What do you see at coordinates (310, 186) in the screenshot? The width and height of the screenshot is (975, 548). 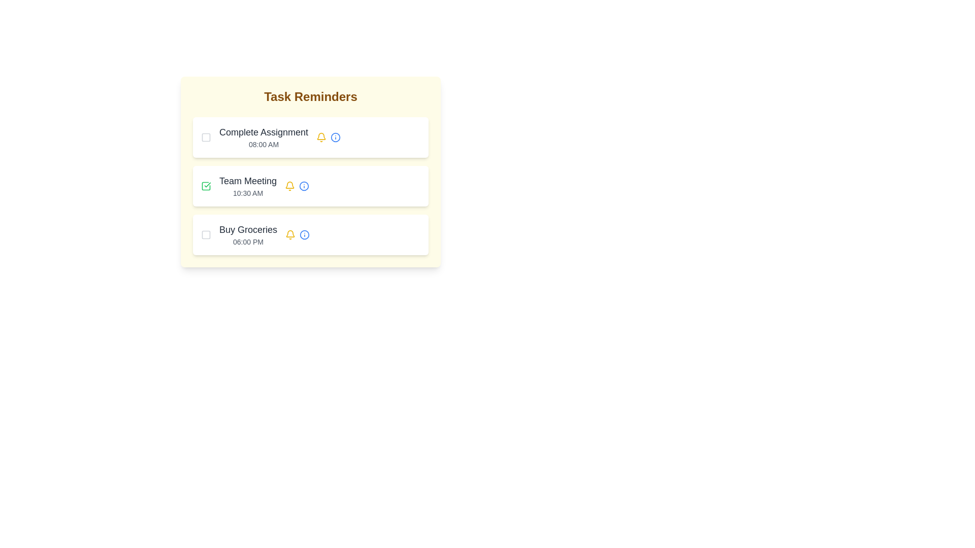 I see `the task listing element titled 'Team Meeting' at 10:30 AM` at bounding box center [310, 186].